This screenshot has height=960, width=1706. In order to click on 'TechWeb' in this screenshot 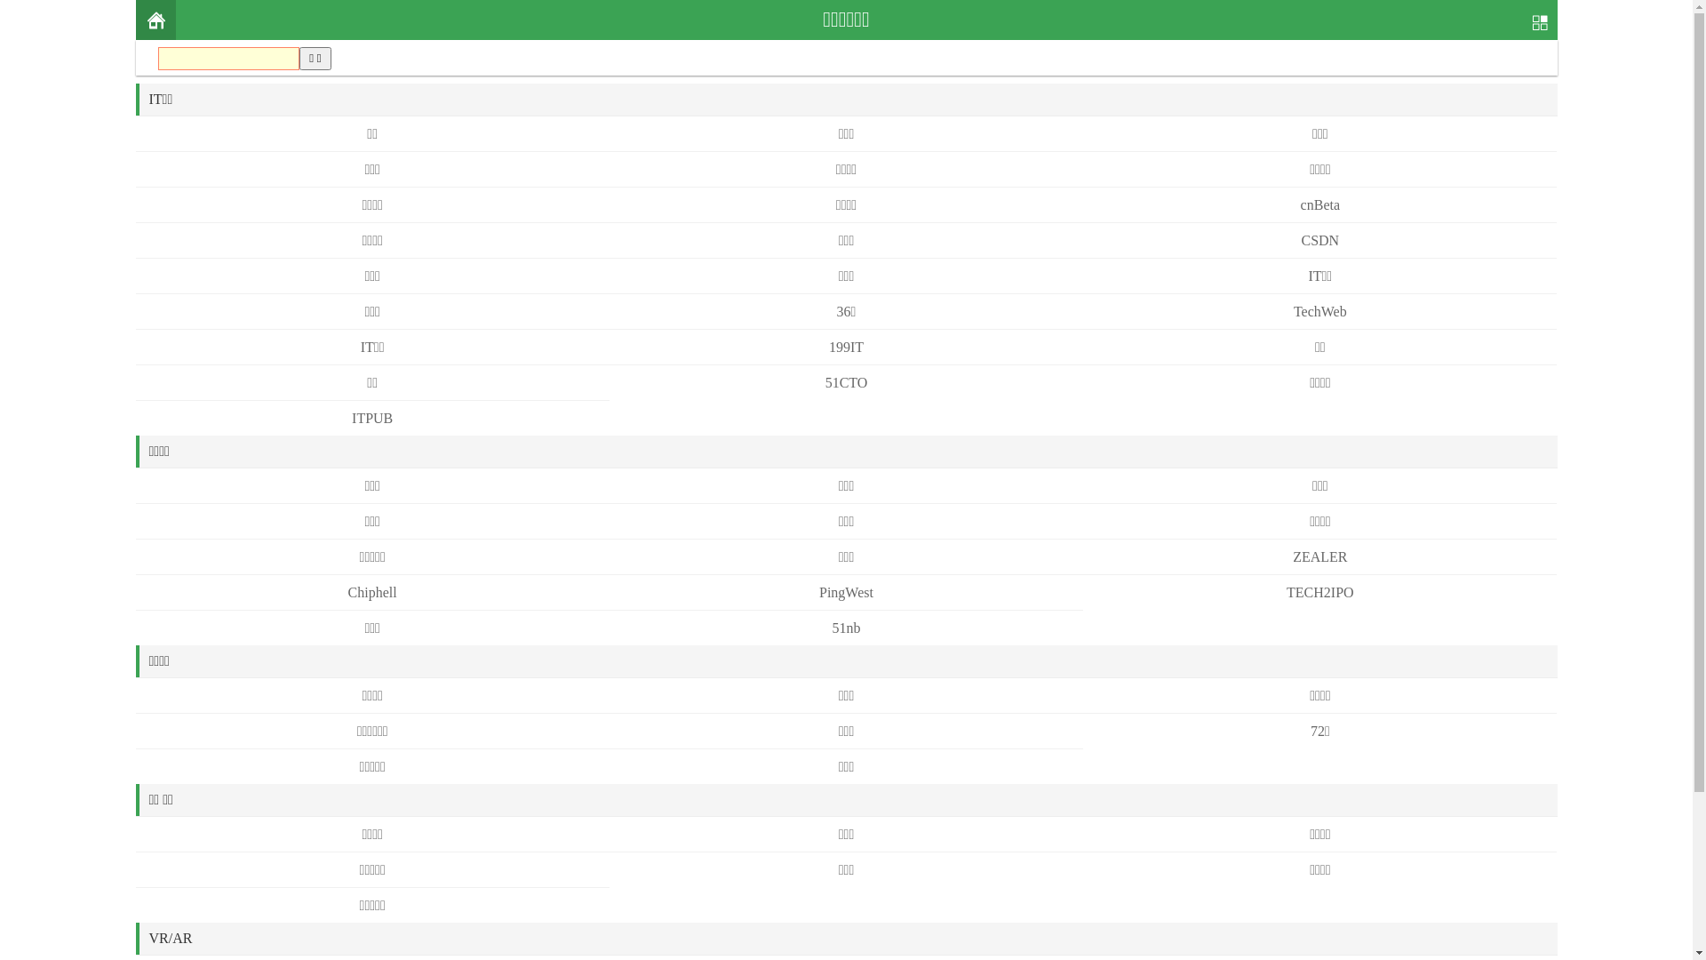, I will do `click(1320, 310)`.